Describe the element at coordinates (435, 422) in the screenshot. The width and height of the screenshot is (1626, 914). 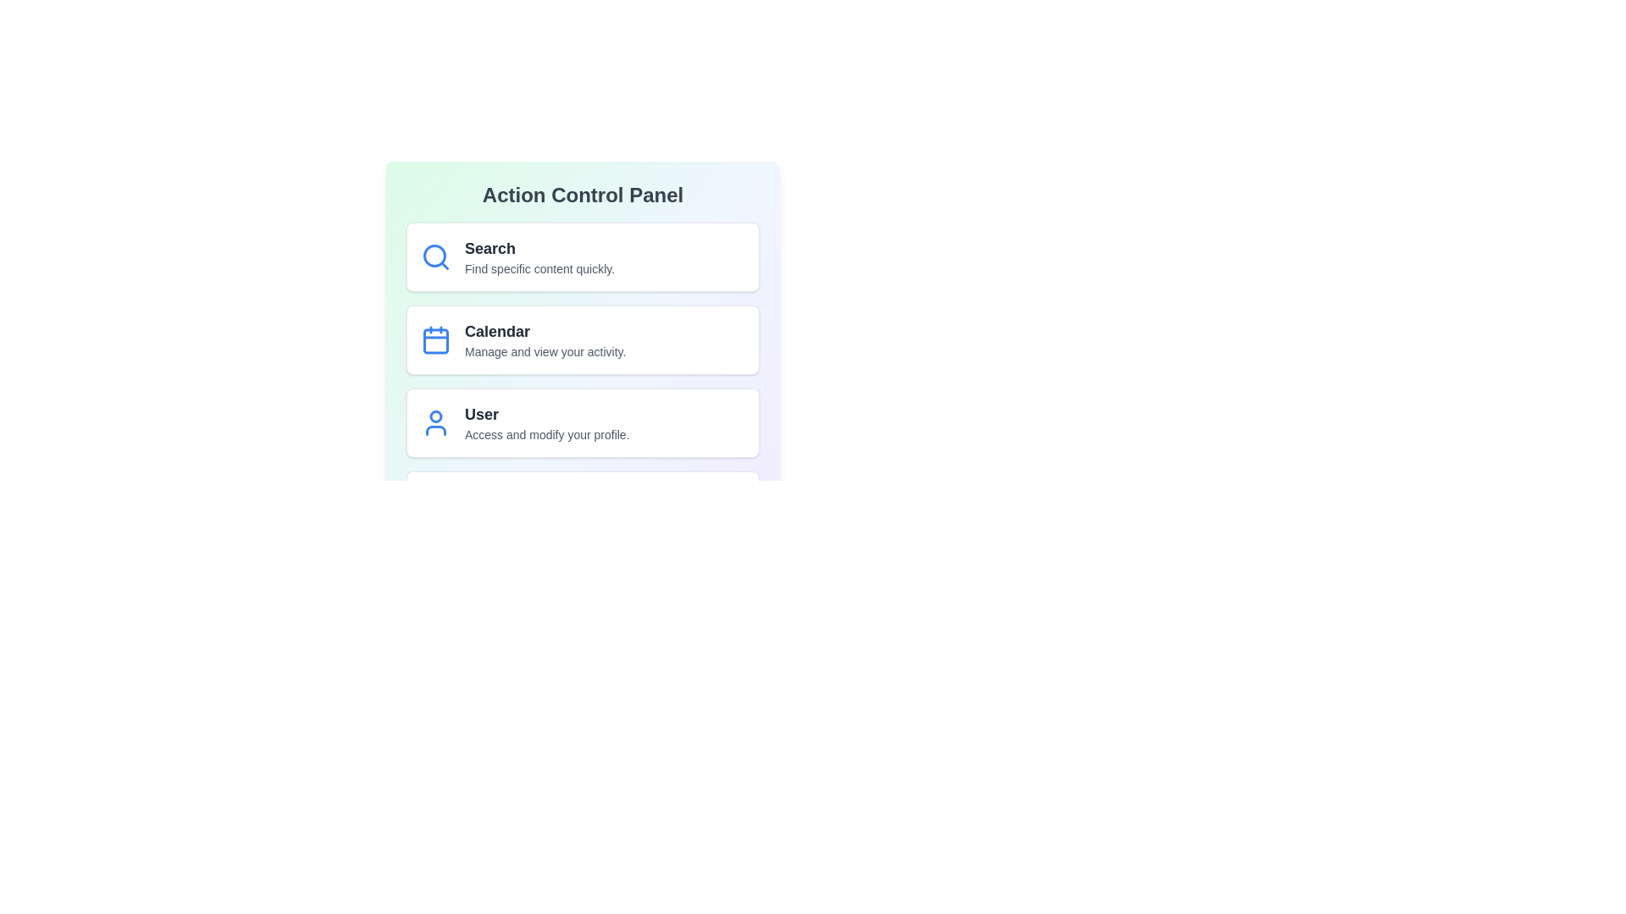
I see `the blue user icon, which is a circular head atop a torso within the 'User' section of the 'Action Control Panel', positioned to the left of the 'User' text` at that location.